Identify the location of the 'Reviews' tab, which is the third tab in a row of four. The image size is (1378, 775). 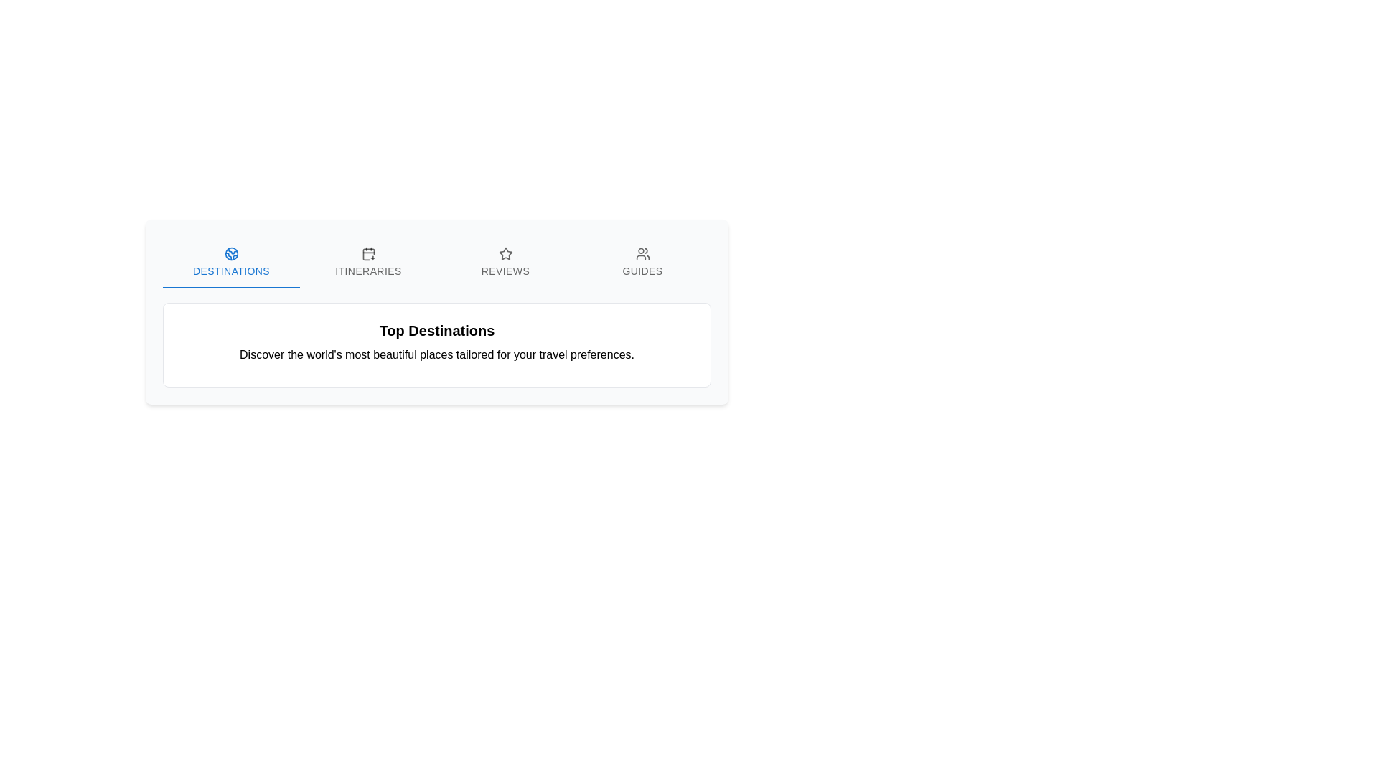
(505, 263).